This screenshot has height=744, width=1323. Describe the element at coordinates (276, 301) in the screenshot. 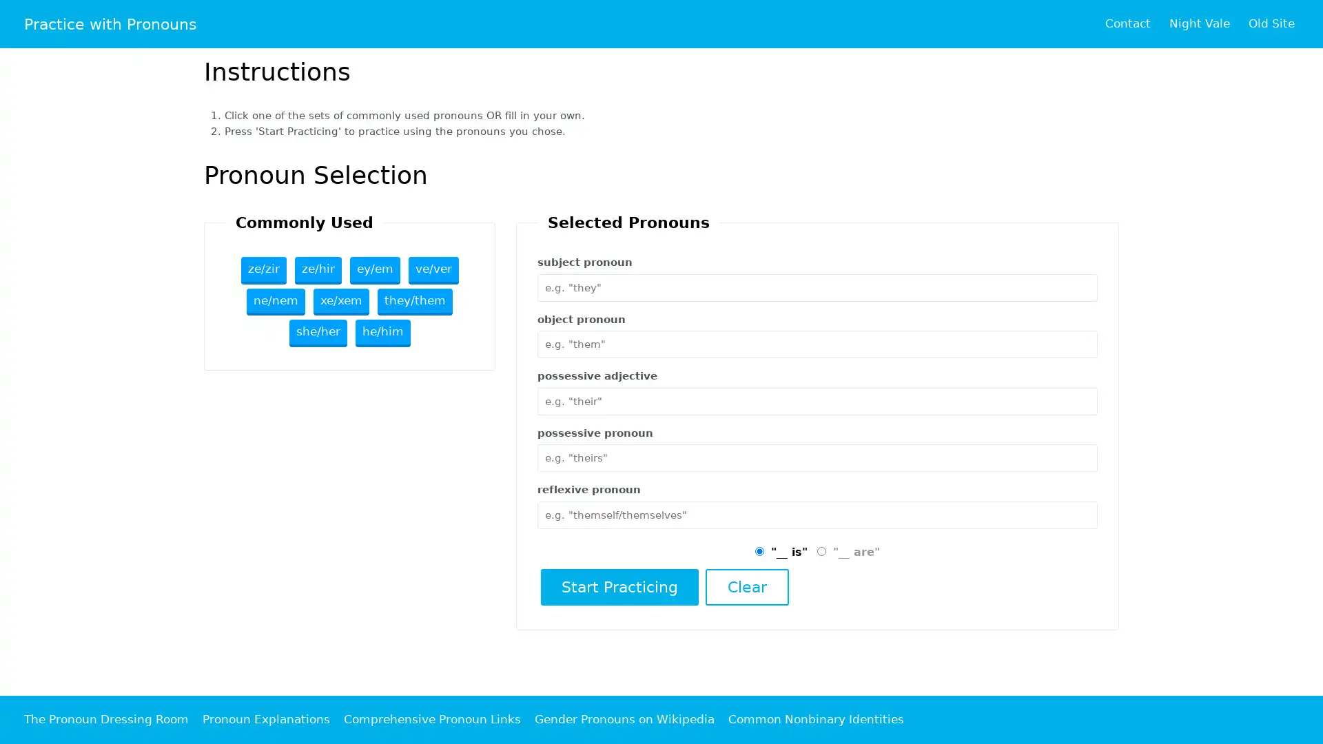

I see `ne/nem` at that location.